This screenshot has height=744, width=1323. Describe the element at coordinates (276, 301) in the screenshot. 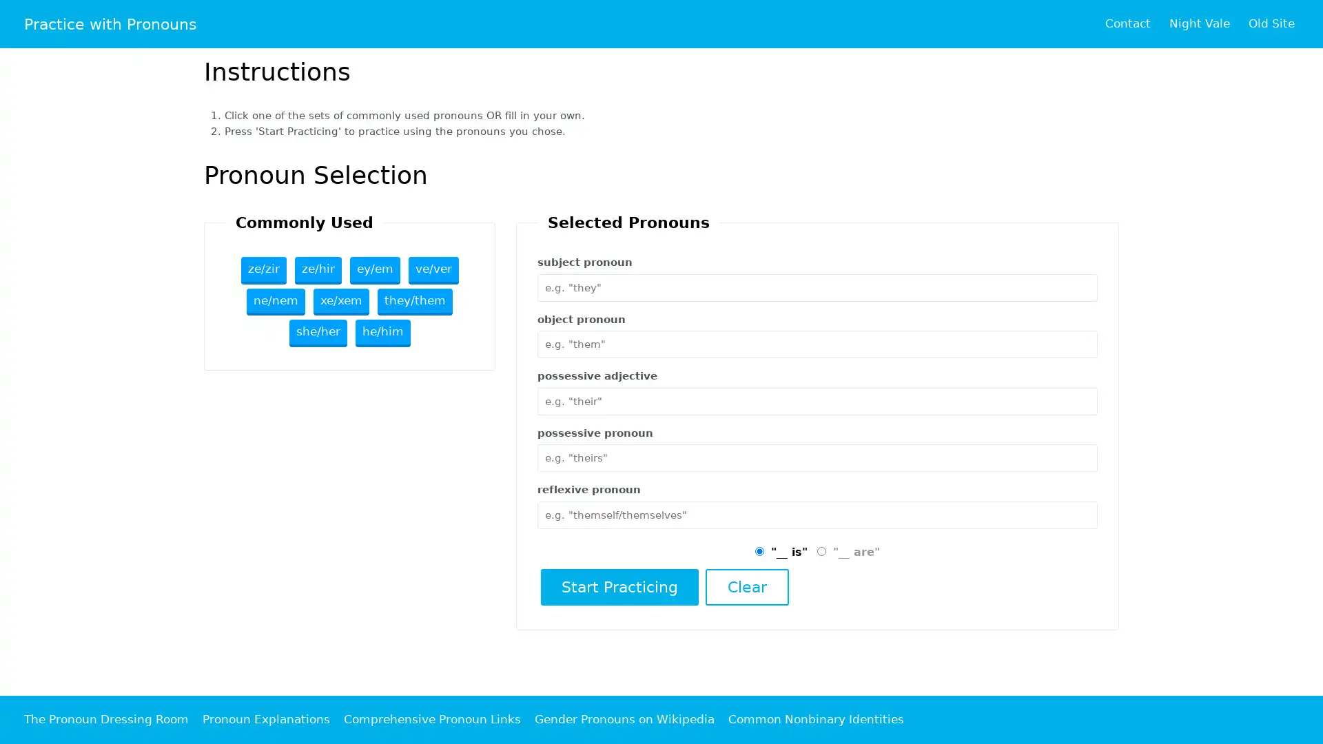

I see `ne/nem` at that location.